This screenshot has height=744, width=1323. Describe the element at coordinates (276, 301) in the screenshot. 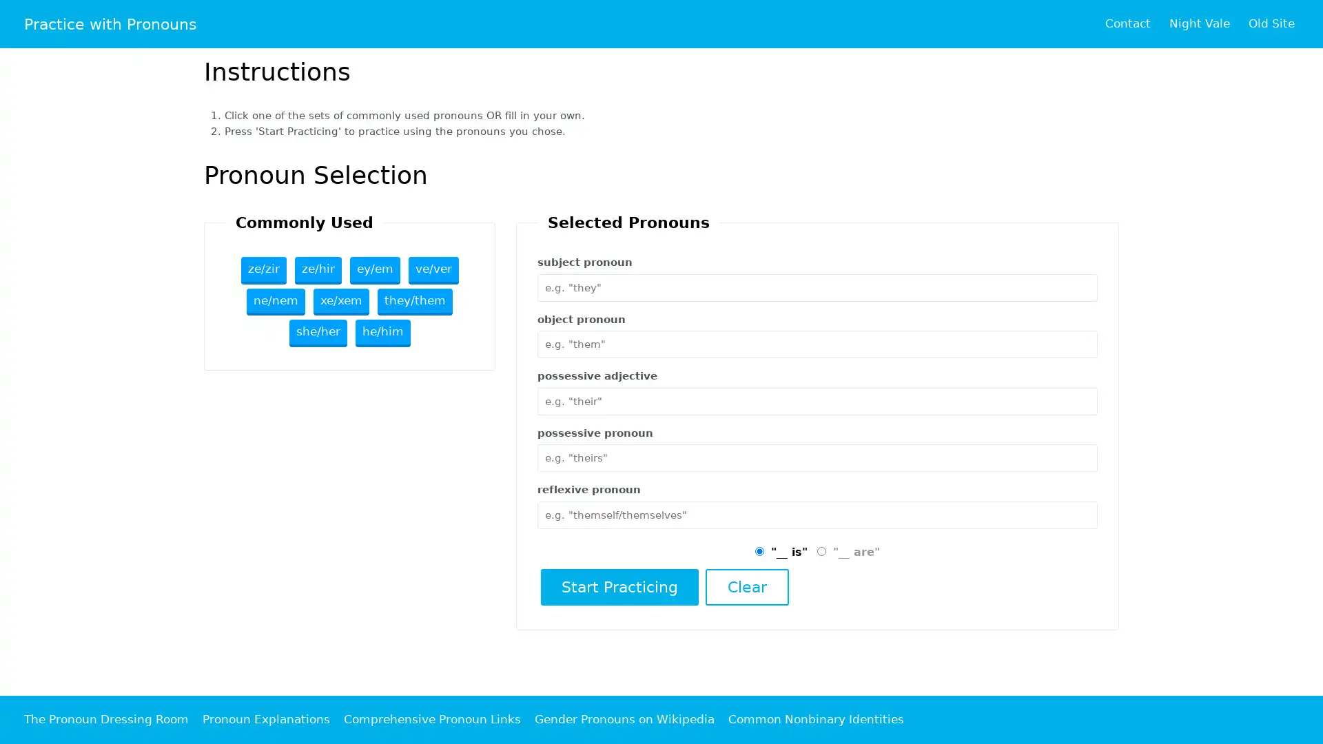

I see `ne/nem` at that location.